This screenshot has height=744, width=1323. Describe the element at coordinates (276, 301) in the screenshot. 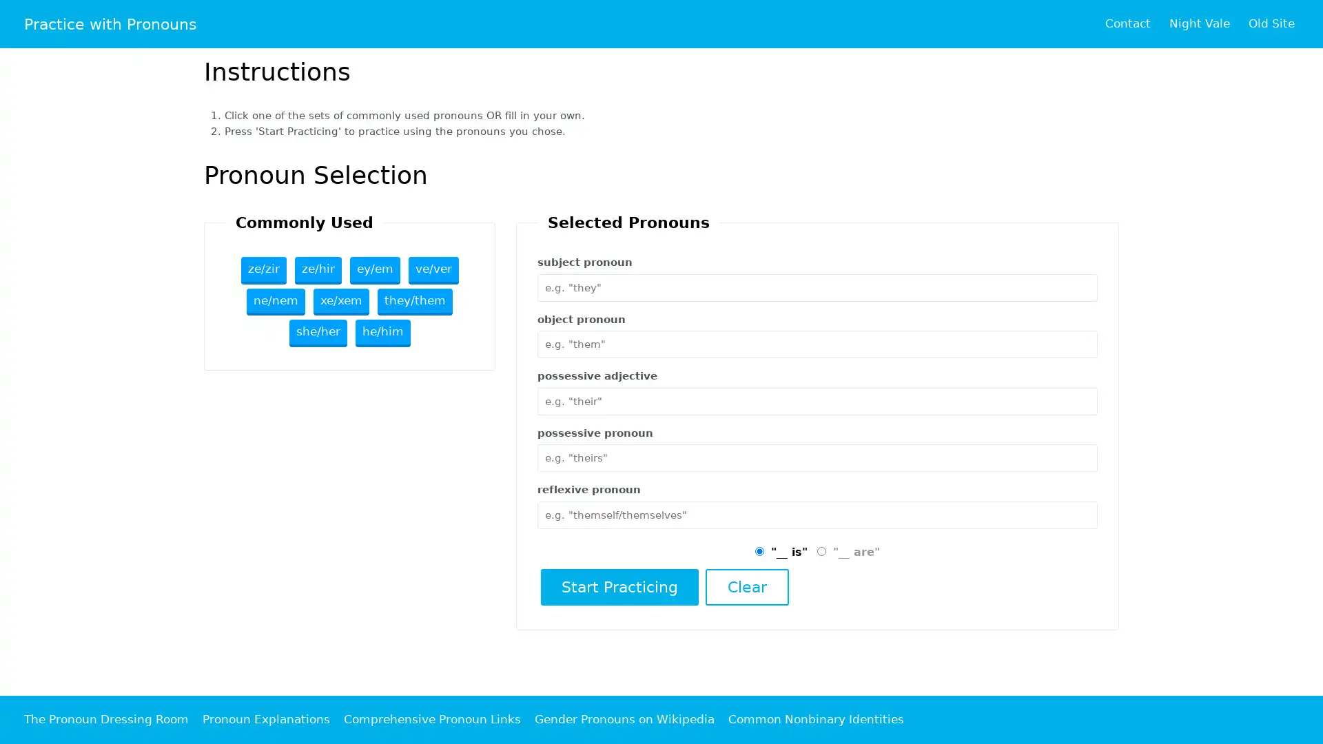

I see `ne/nem` at that location.